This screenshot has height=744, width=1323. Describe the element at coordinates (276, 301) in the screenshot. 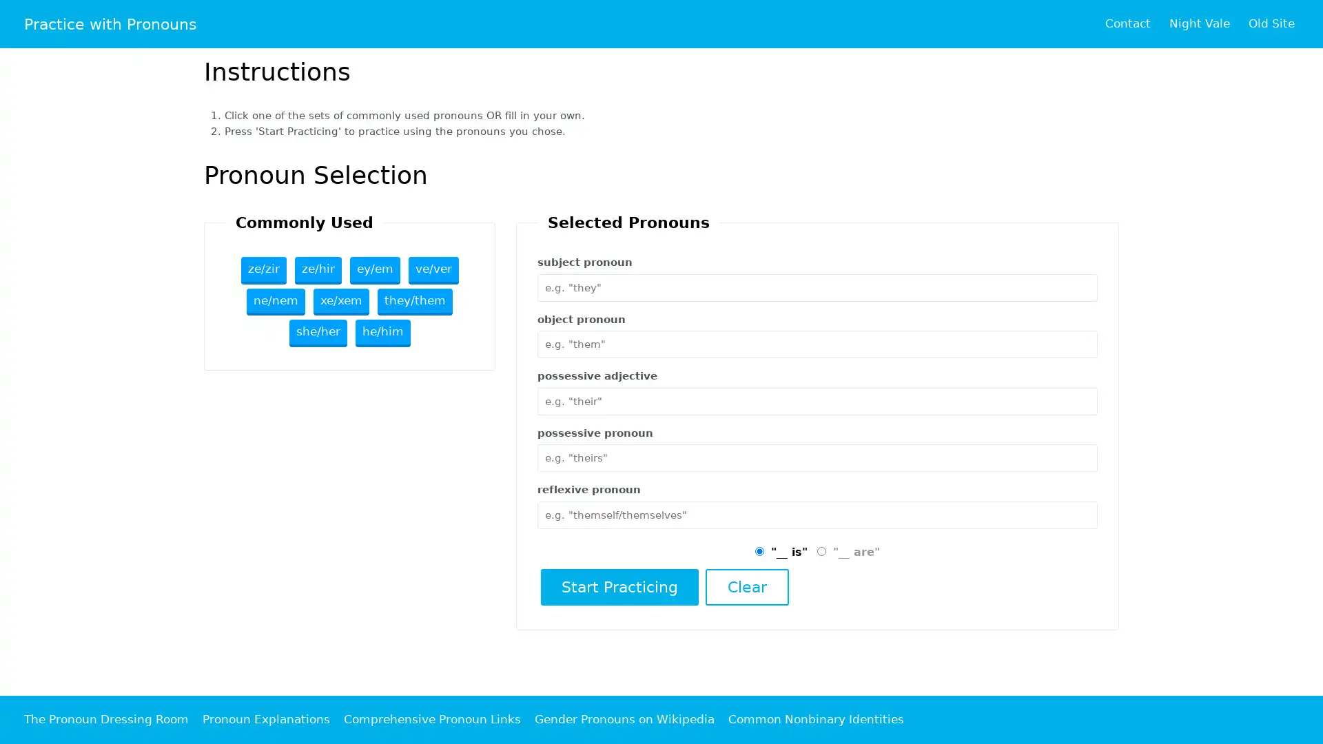

I see `ne/nem` at that location.